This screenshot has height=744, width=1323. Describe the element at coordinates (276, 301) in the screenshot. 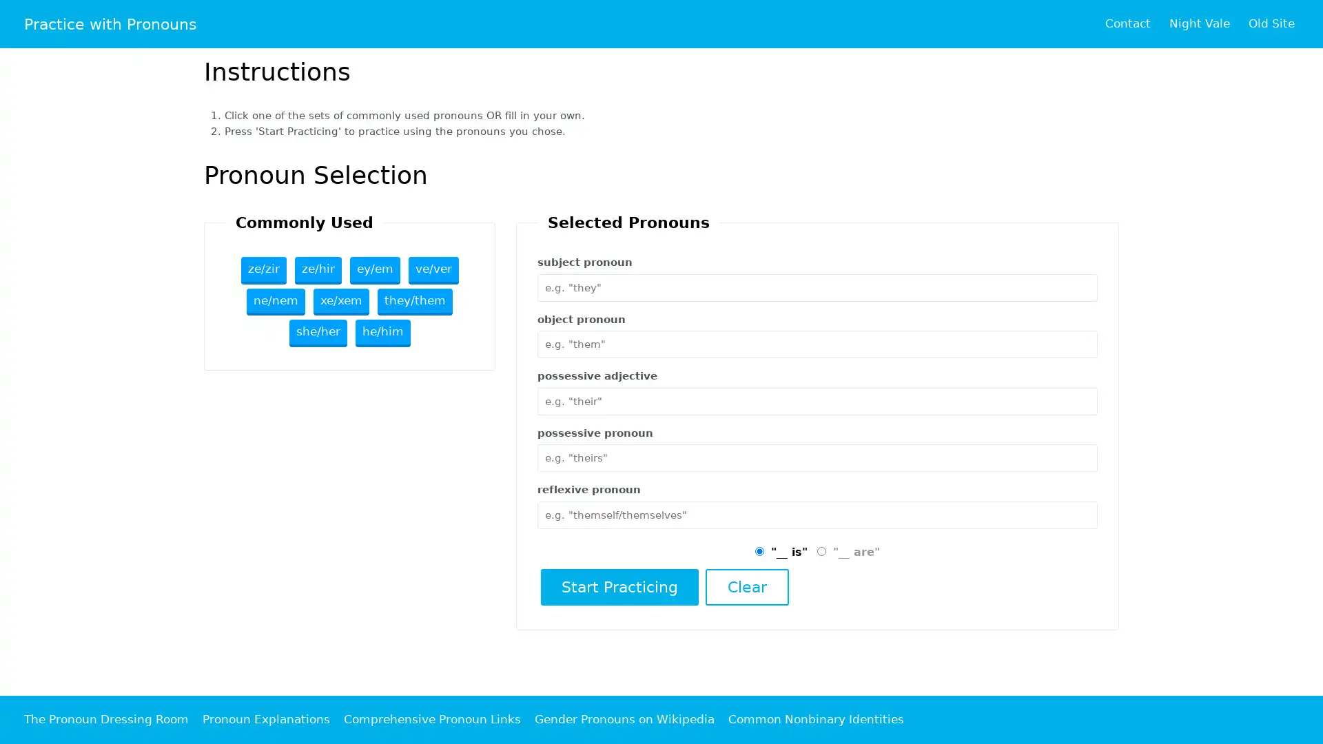

I see `ne/nem` at that location.